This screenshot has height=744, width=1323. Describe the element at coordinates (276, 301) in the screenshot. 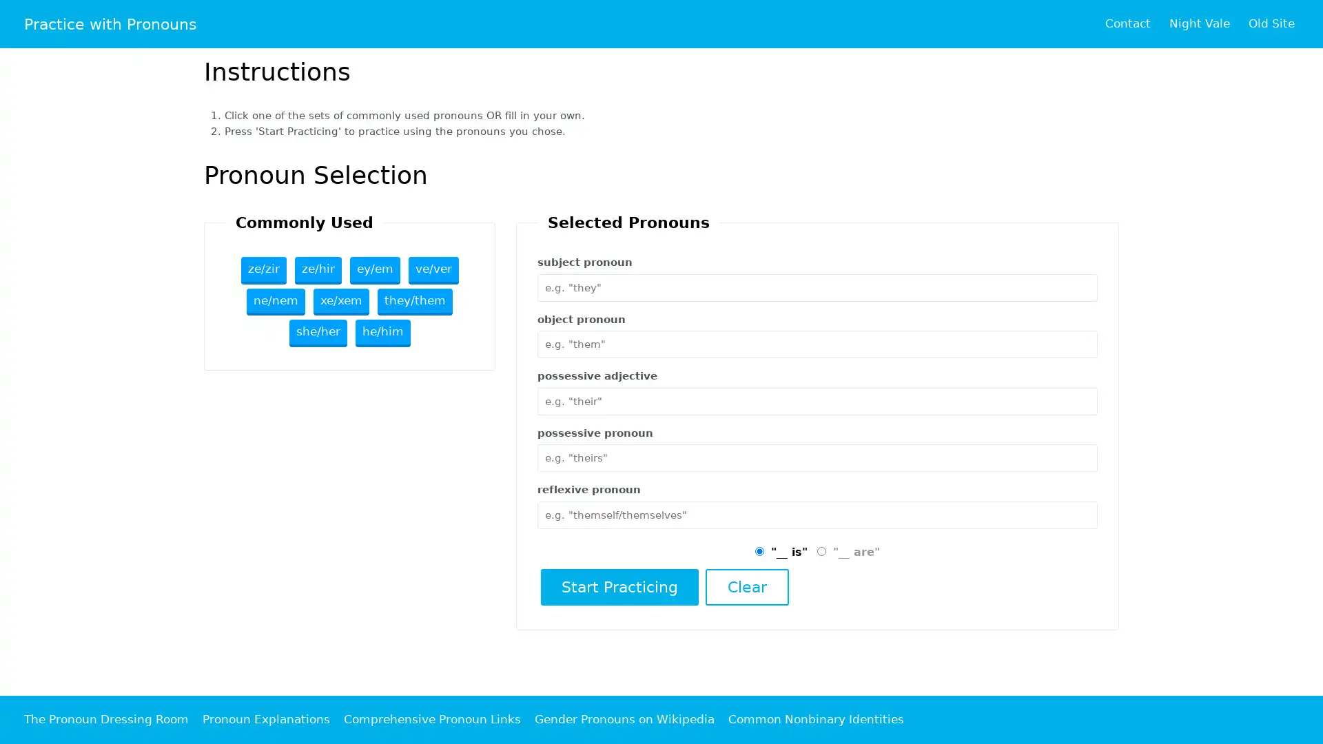

I see `ne/nem` at that location.